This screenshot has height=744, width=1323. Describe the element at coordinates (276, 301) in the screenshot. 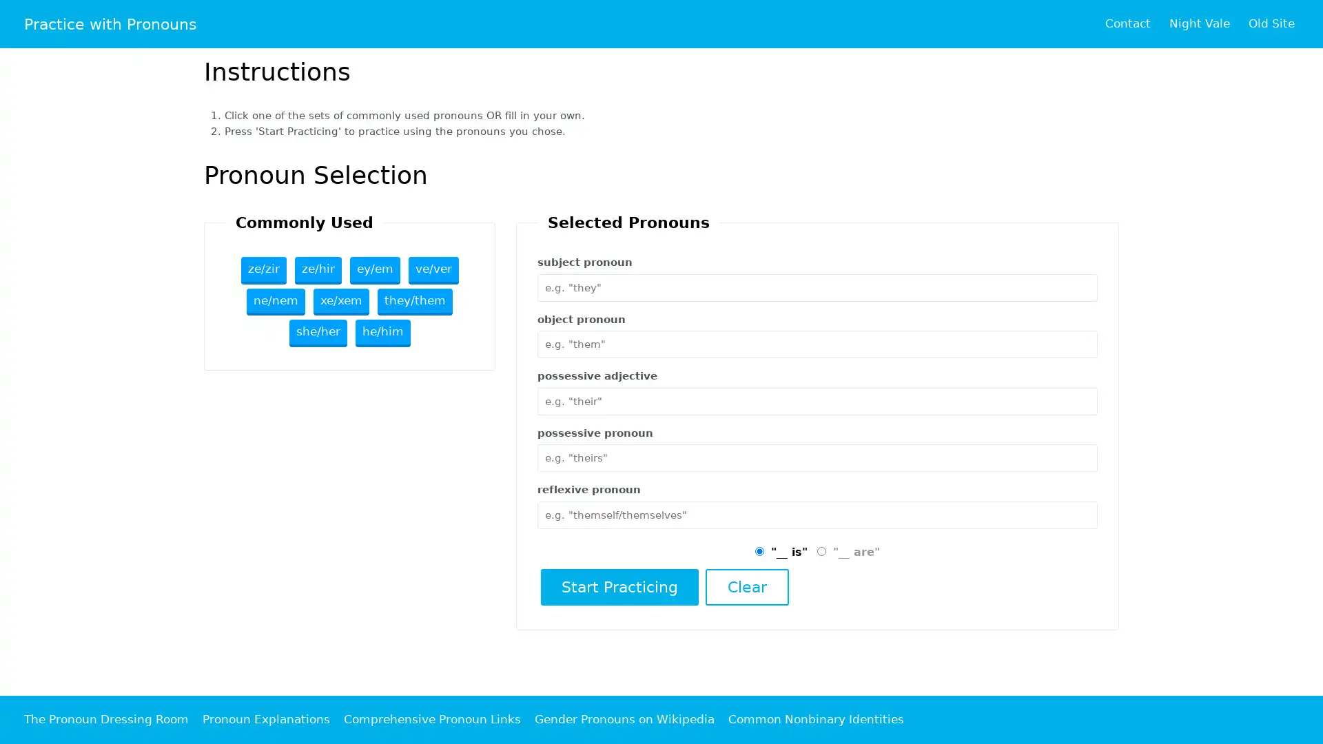

I see `ne/nem` at that location.